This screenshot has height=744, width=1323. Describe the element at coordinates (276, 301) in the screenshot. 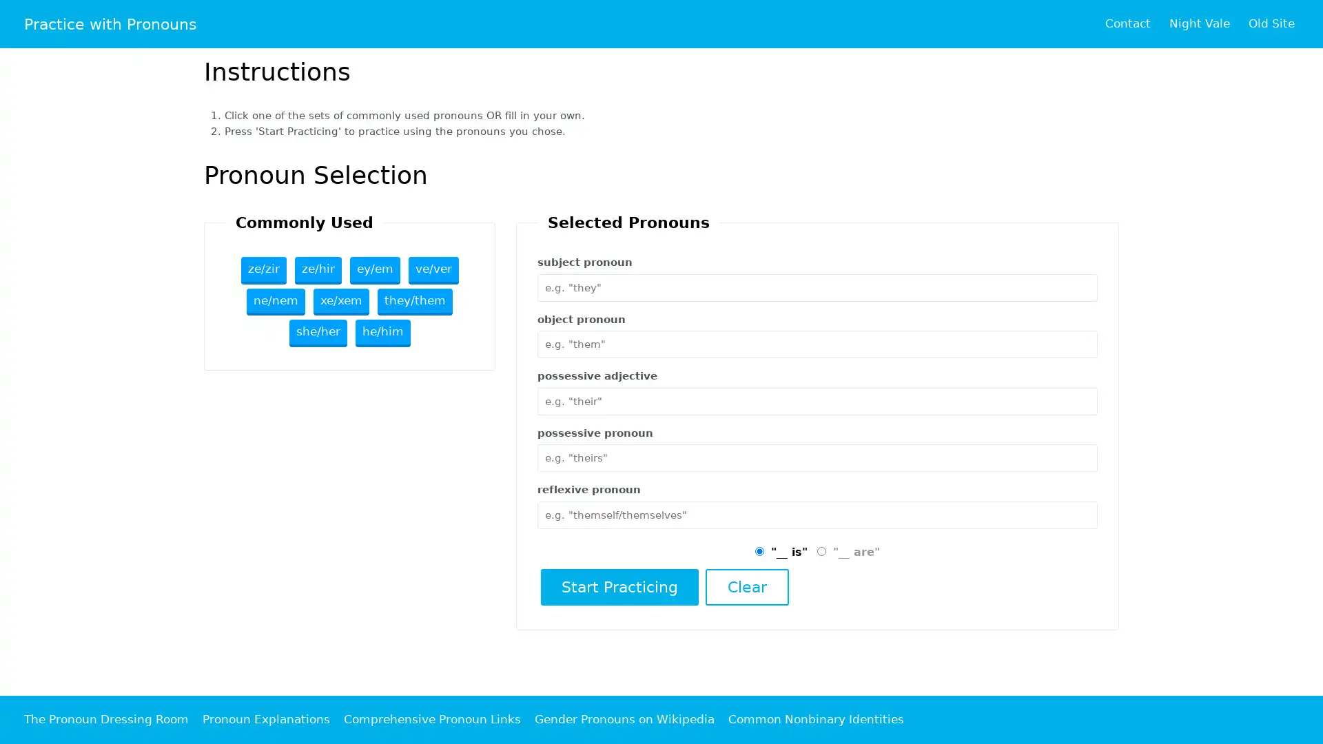

I see `ne/nem` at that location.